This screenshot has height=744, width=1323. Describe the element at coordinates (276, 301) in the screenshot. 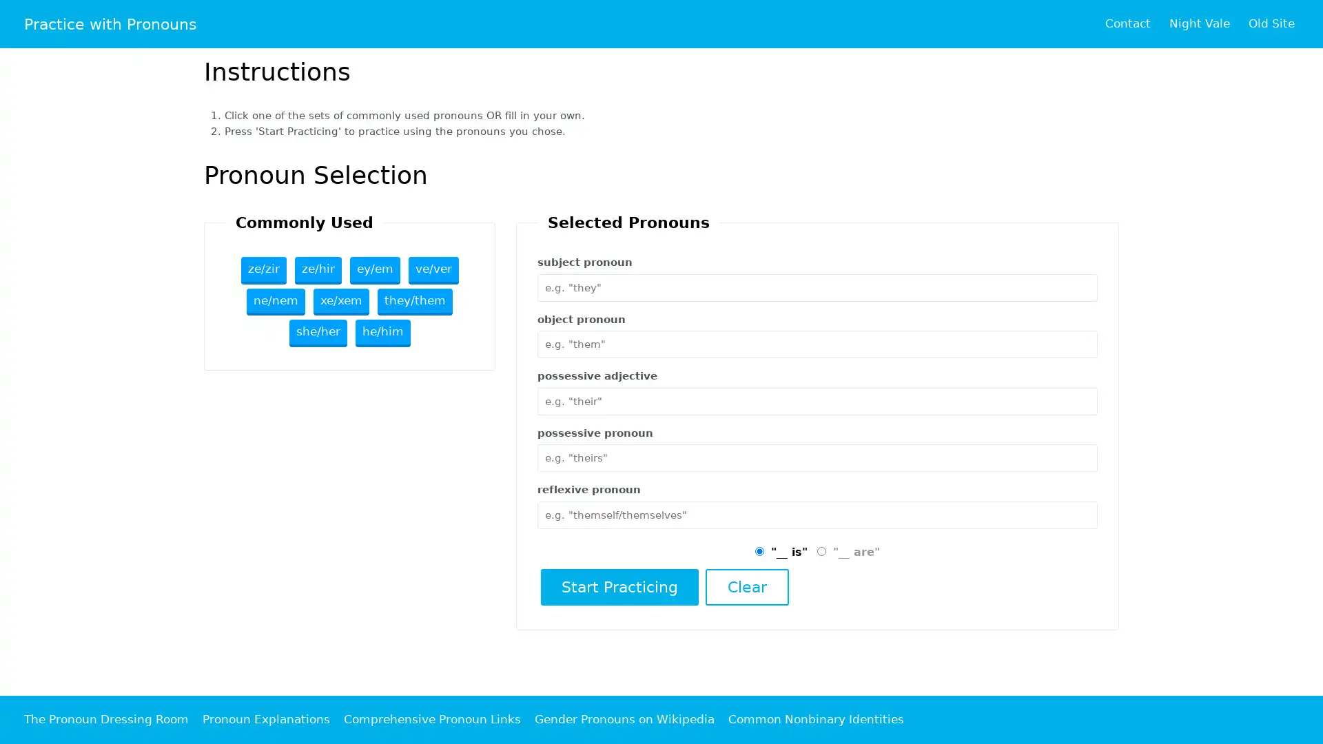

I see `ne/nem` at that location.